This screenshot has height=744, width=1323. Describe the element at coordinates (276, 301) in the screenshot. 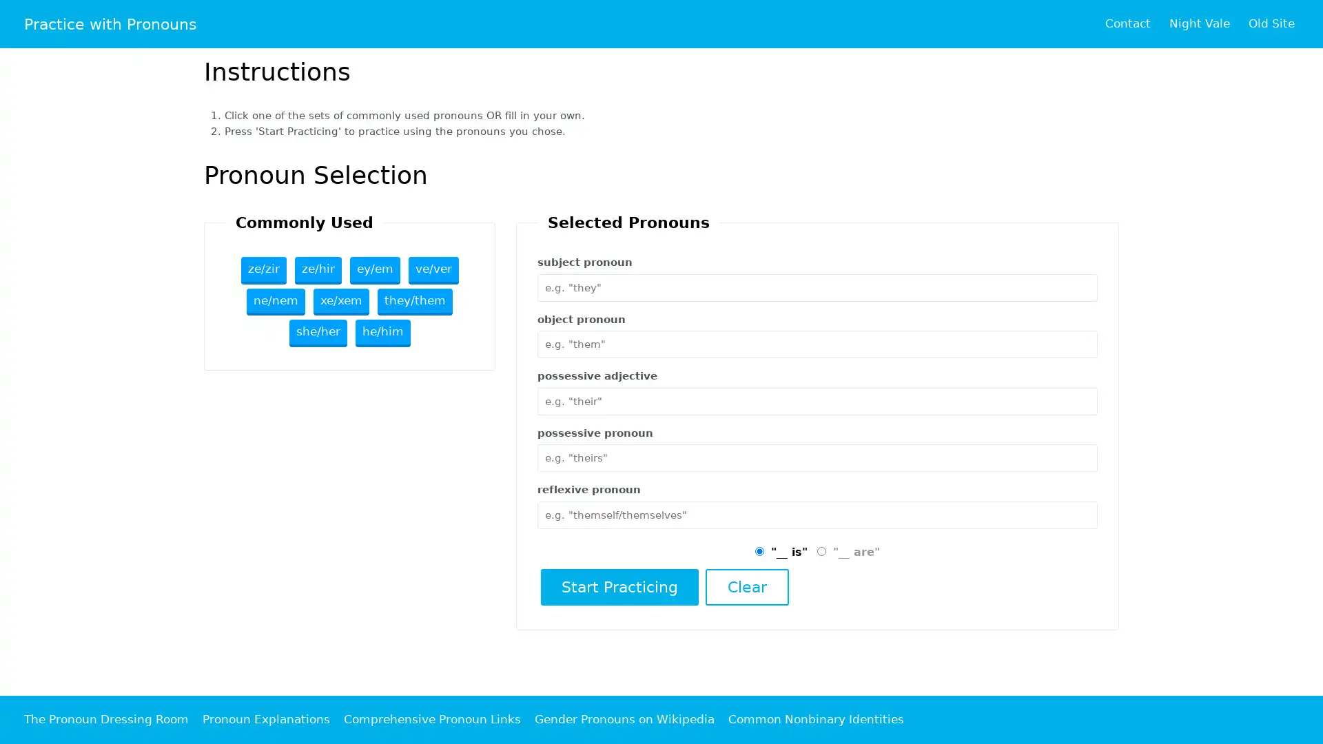

I see `ne/nem` at that location.